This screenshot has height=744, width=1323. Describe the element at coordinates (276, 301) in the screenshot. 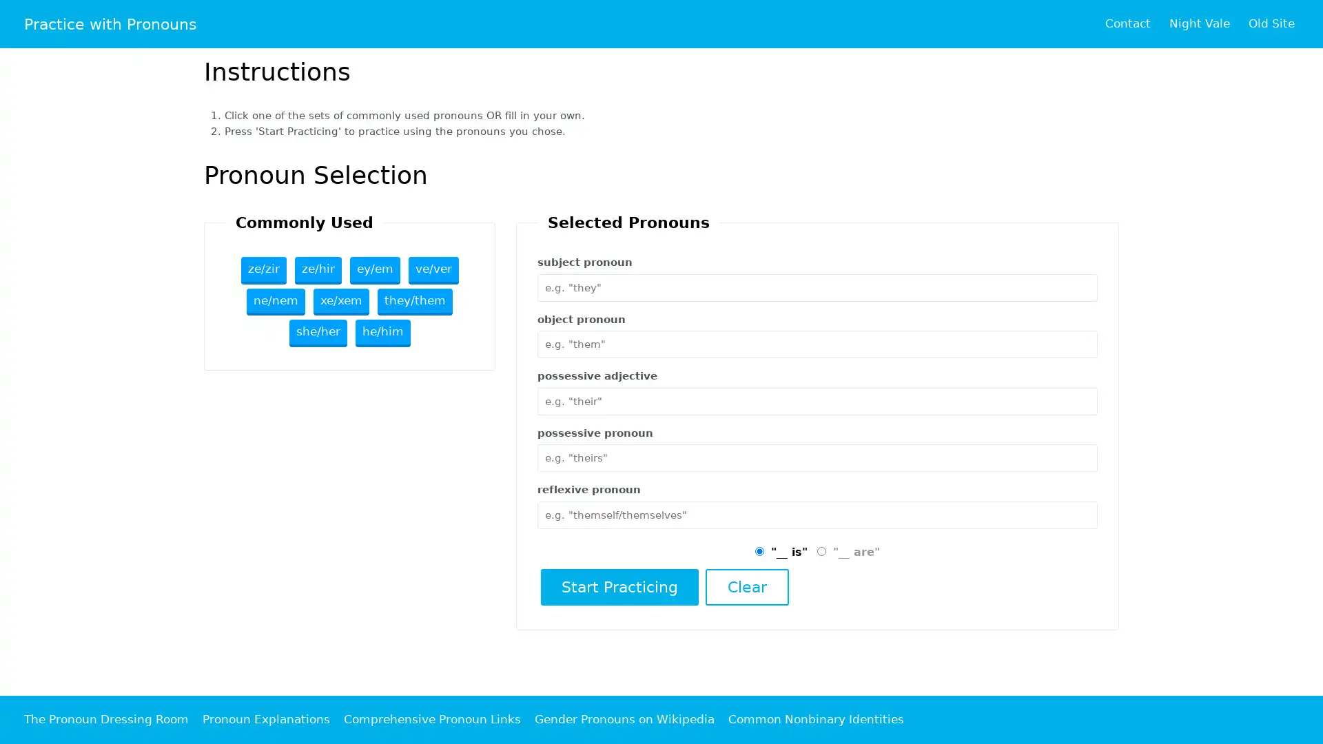

I see `ne/nem` at that location.